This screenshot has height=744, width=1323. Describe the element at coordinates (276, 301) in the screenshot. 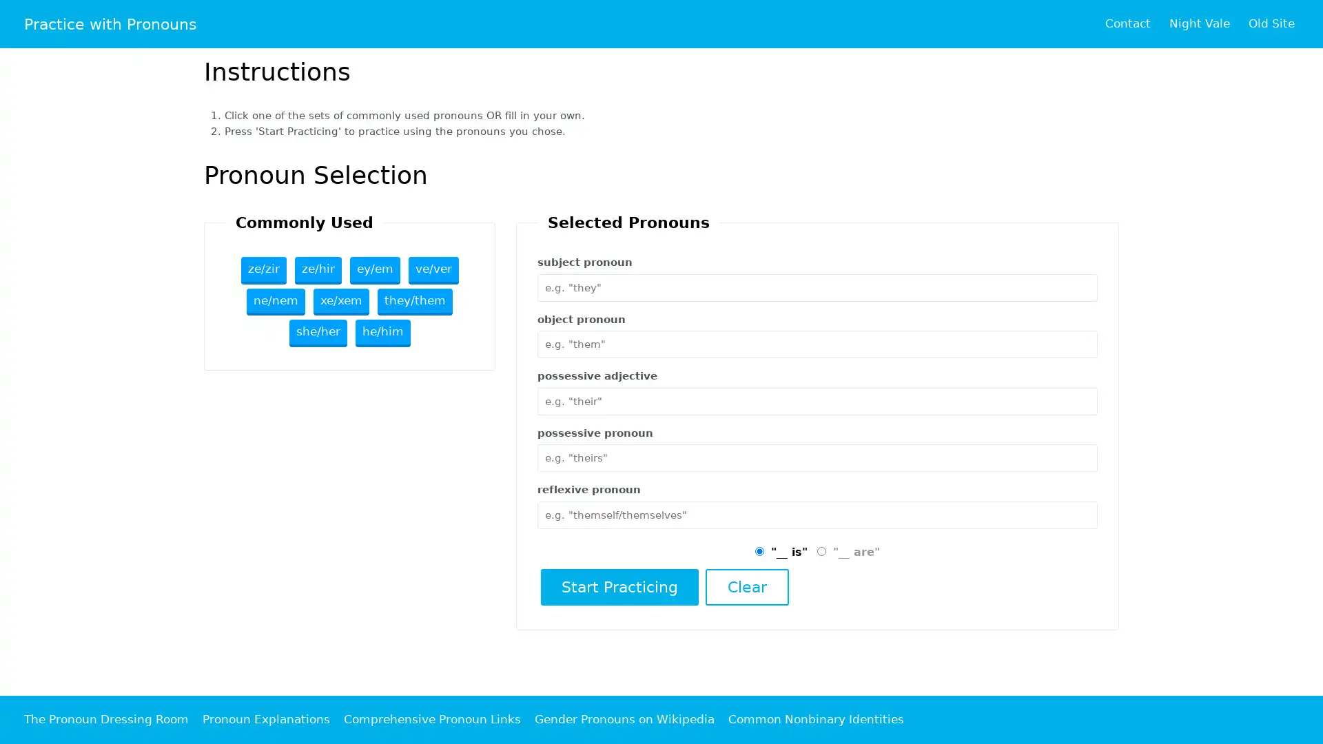

I see `ne/nem` at that location.